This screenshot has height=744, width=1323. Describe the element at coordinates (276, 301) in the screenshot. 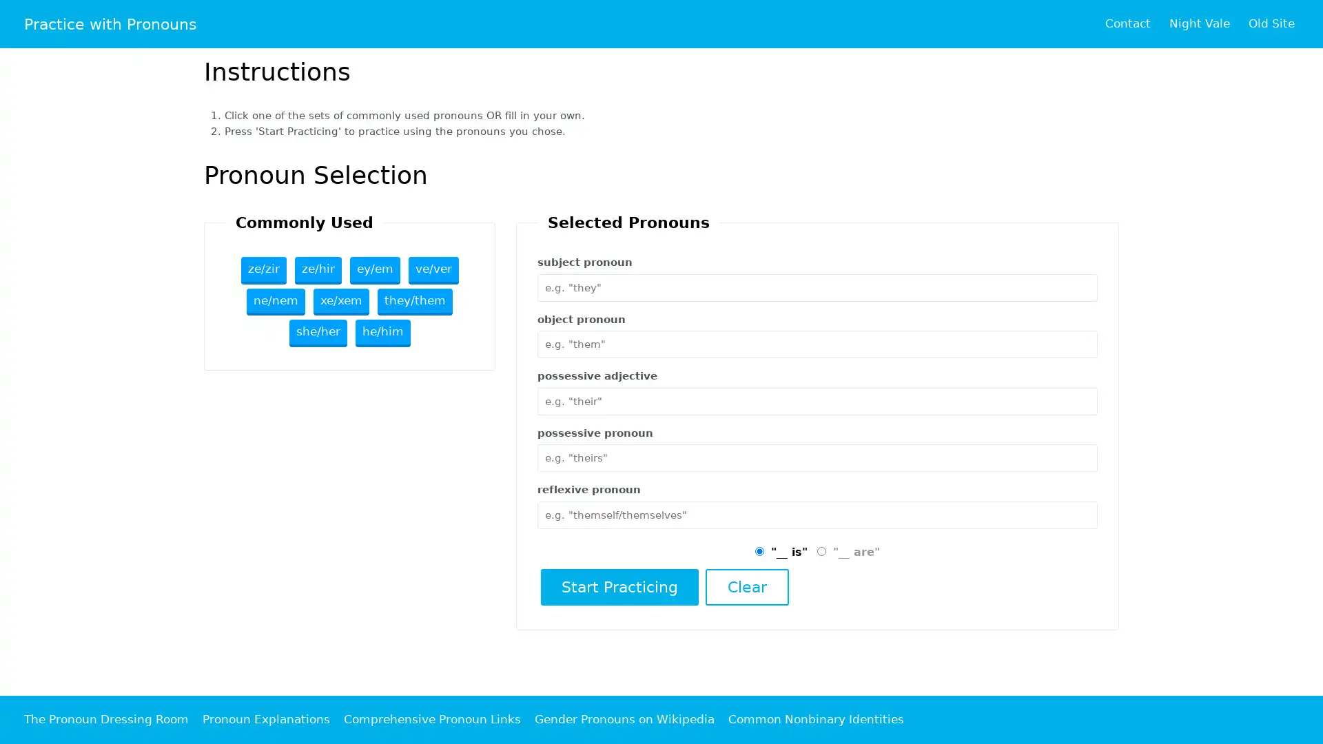

I see `ne/nem` at that location.